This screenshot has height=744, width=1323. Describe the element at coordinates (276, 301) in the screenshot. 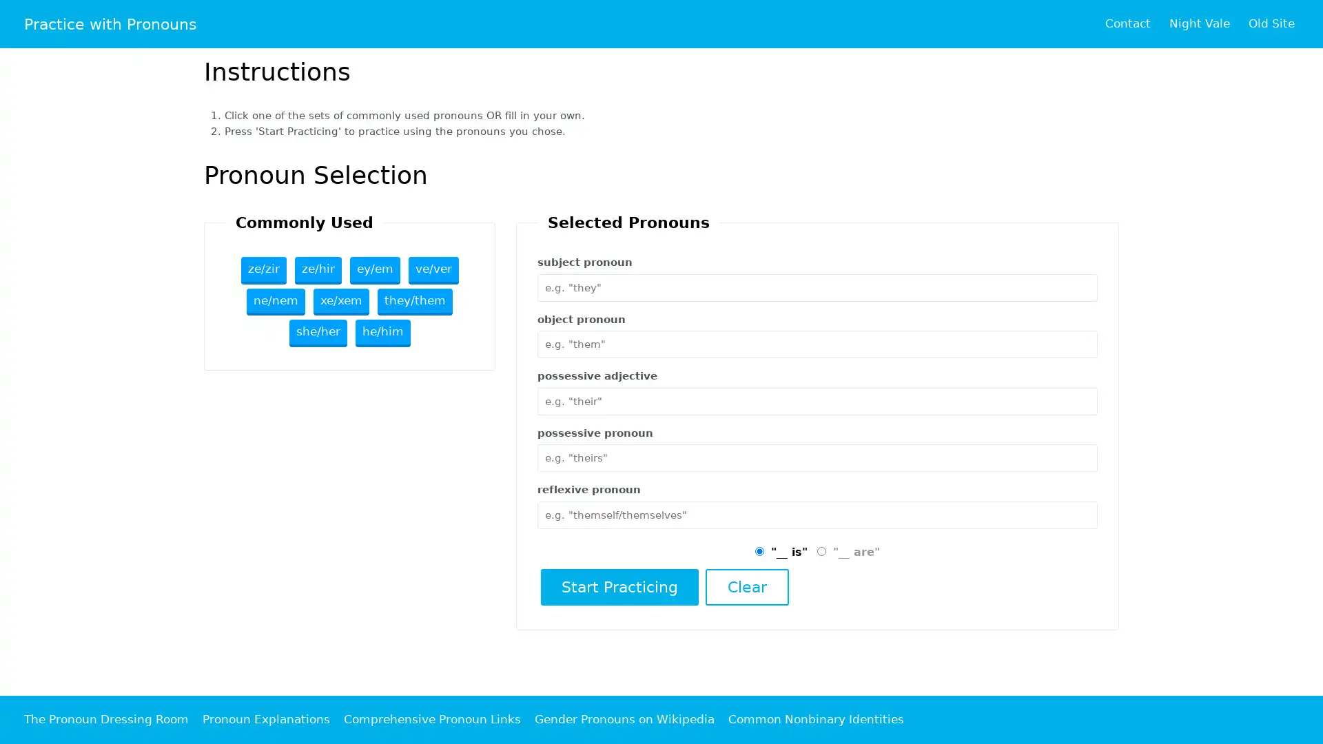

I see `ne/nem` at that location.